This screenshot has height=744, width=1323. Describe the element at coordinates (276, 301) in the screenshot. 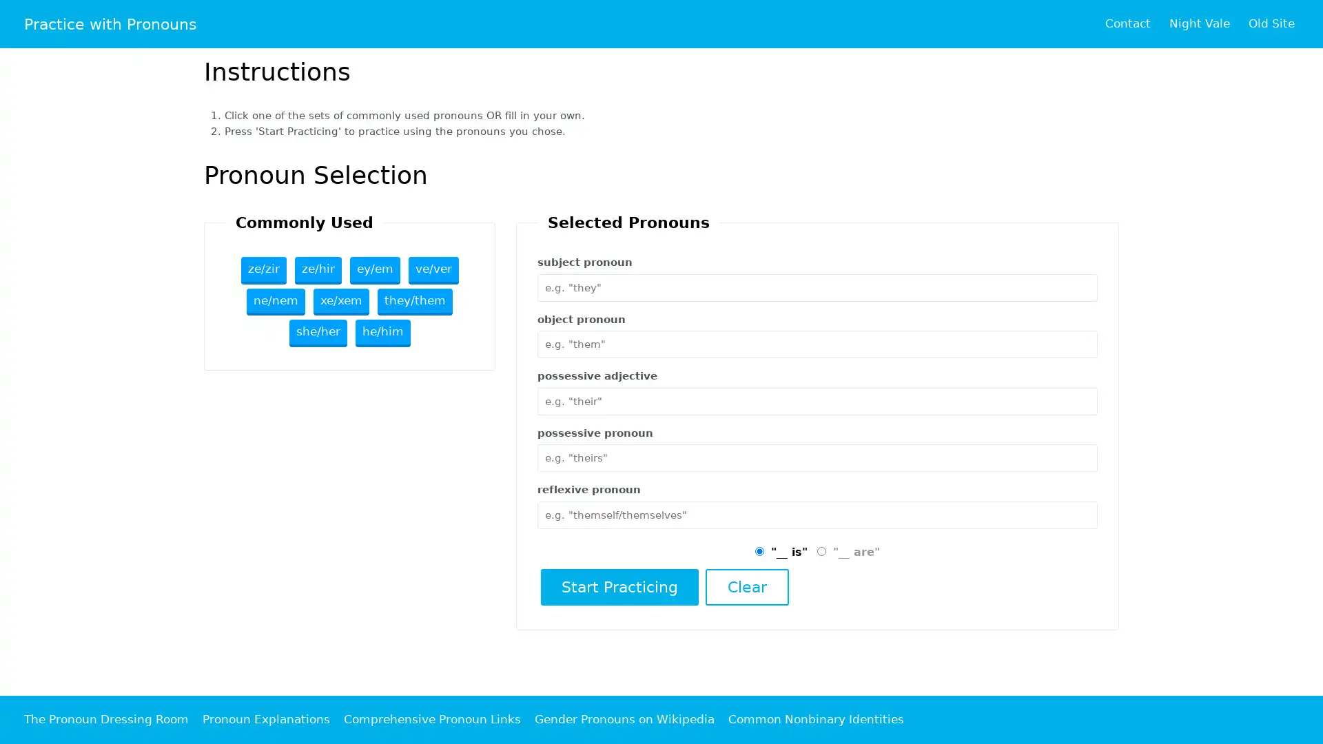

I see `ne/nem` at that location.